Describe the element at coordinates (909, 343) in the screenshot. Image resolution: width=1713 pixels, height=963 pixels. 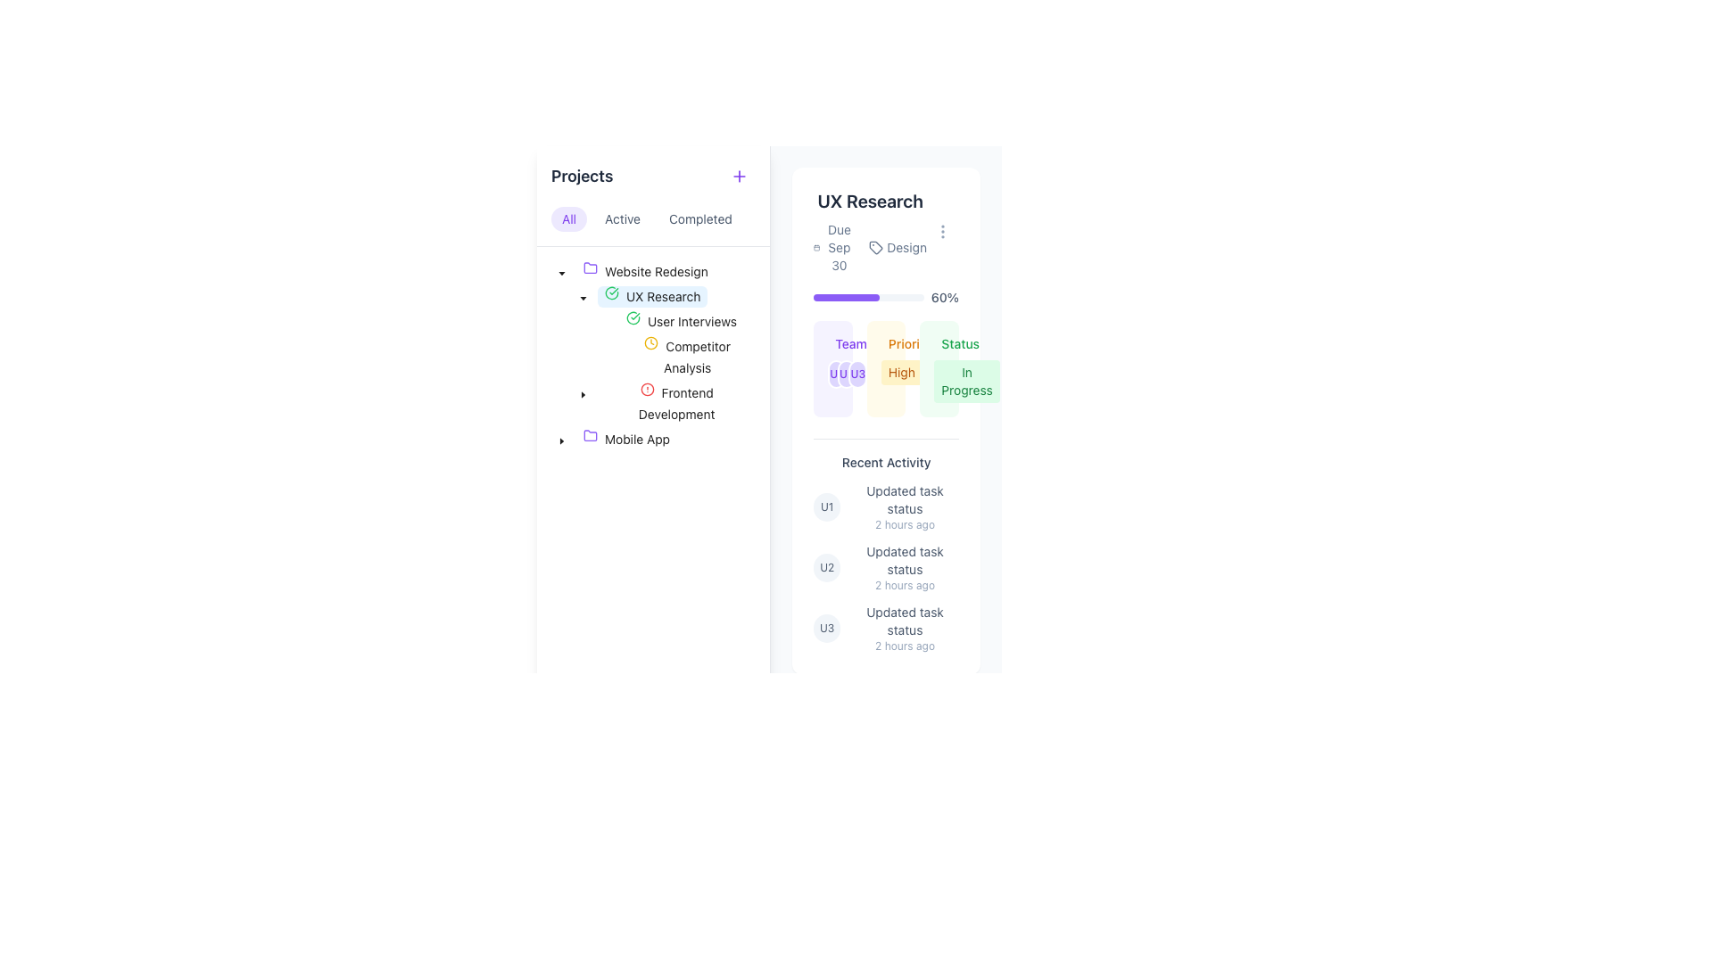
I see `the text label indicating the priority level of the task or project in the UX Research panel` at that location.